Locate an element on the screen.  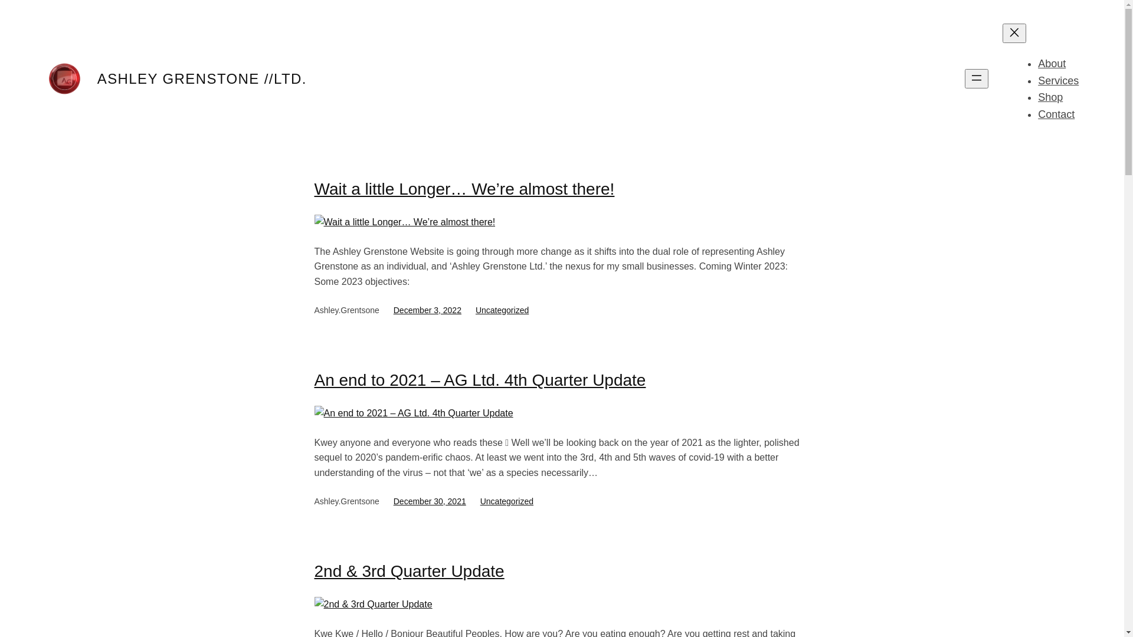
'ASHLEY GRENSTONE //LTD.' is located at coordinates (202, 78).